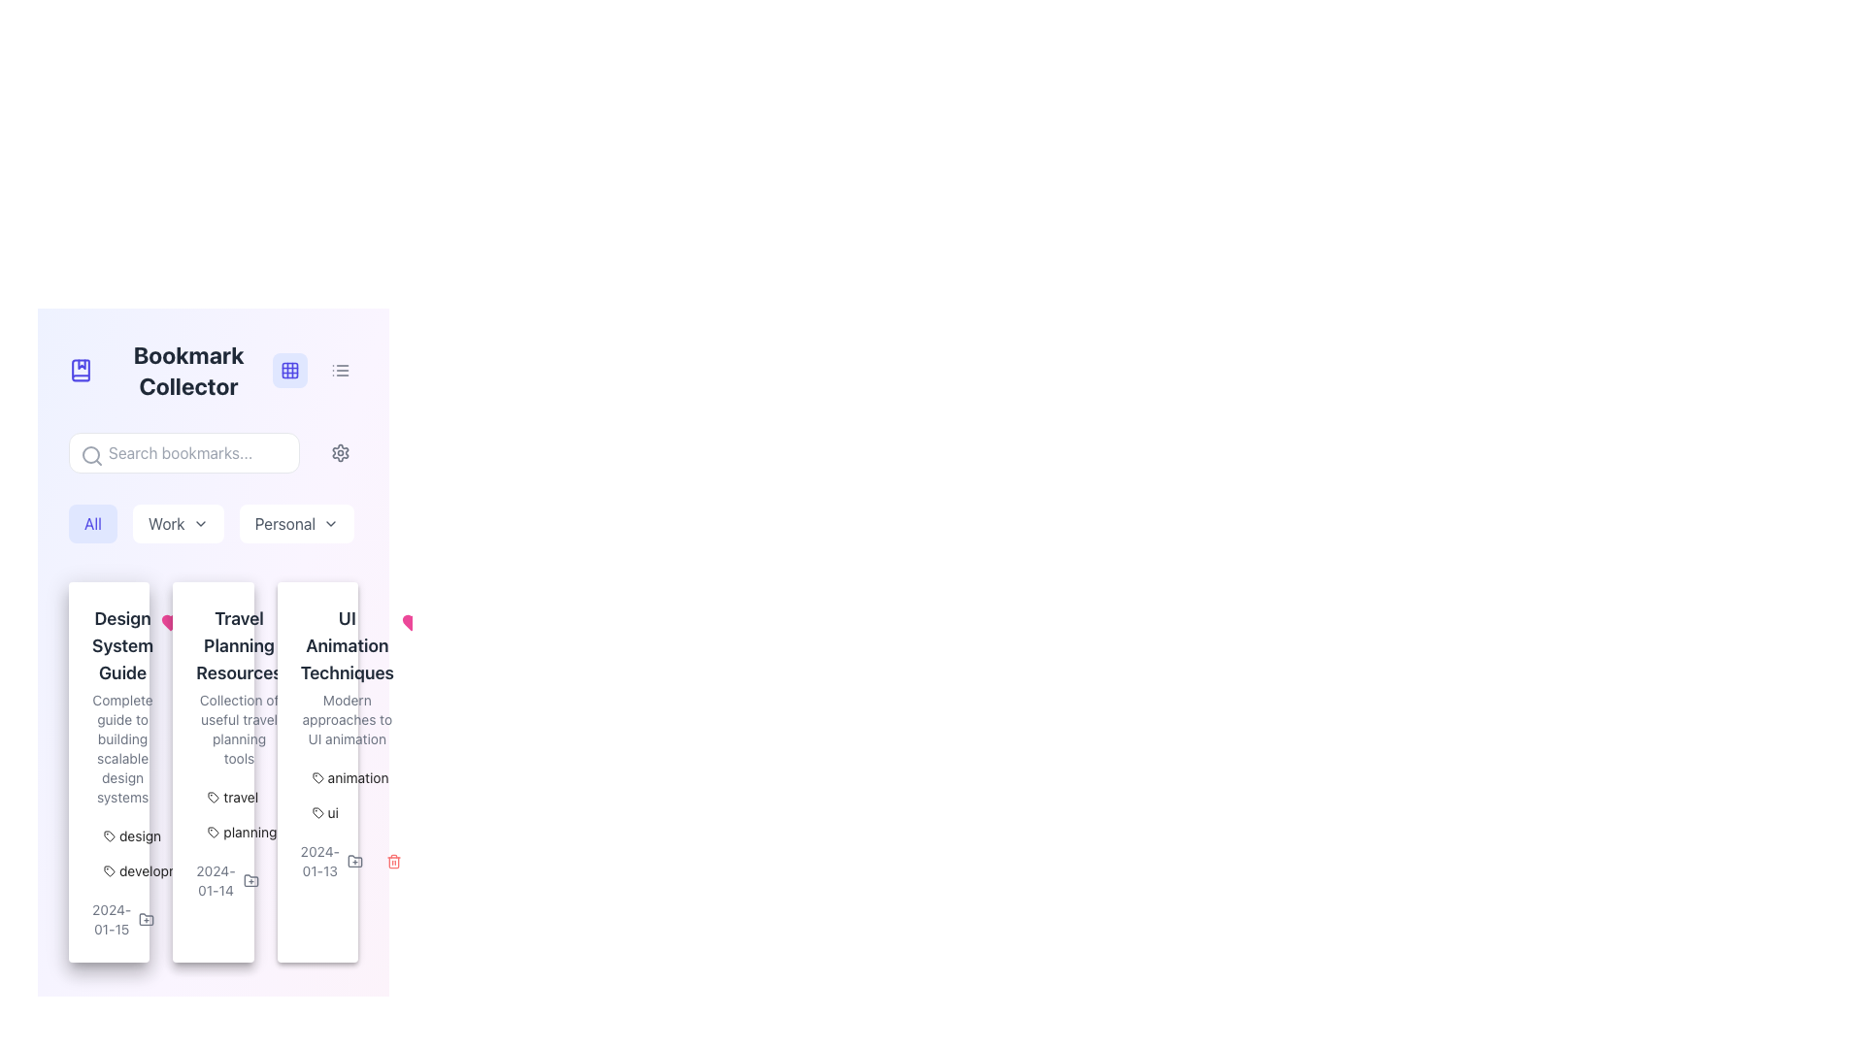 Image resolution: width=1864 pixels, height=1048 pixels. I want to click on date displayed in light grey font at the bottom left of the second card titled 'Travel Planning Resources', so click(214, 880).